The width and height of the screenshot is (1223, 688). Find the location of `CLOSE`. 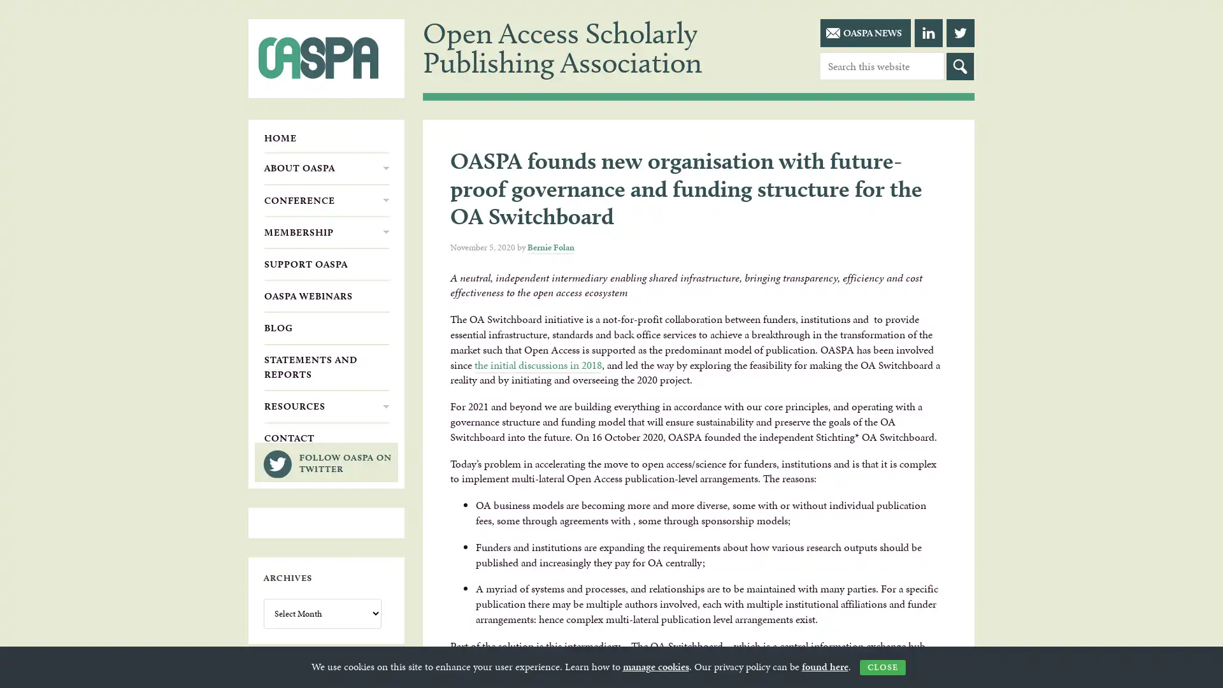

CLOSE is located at coordinates (882, 667).